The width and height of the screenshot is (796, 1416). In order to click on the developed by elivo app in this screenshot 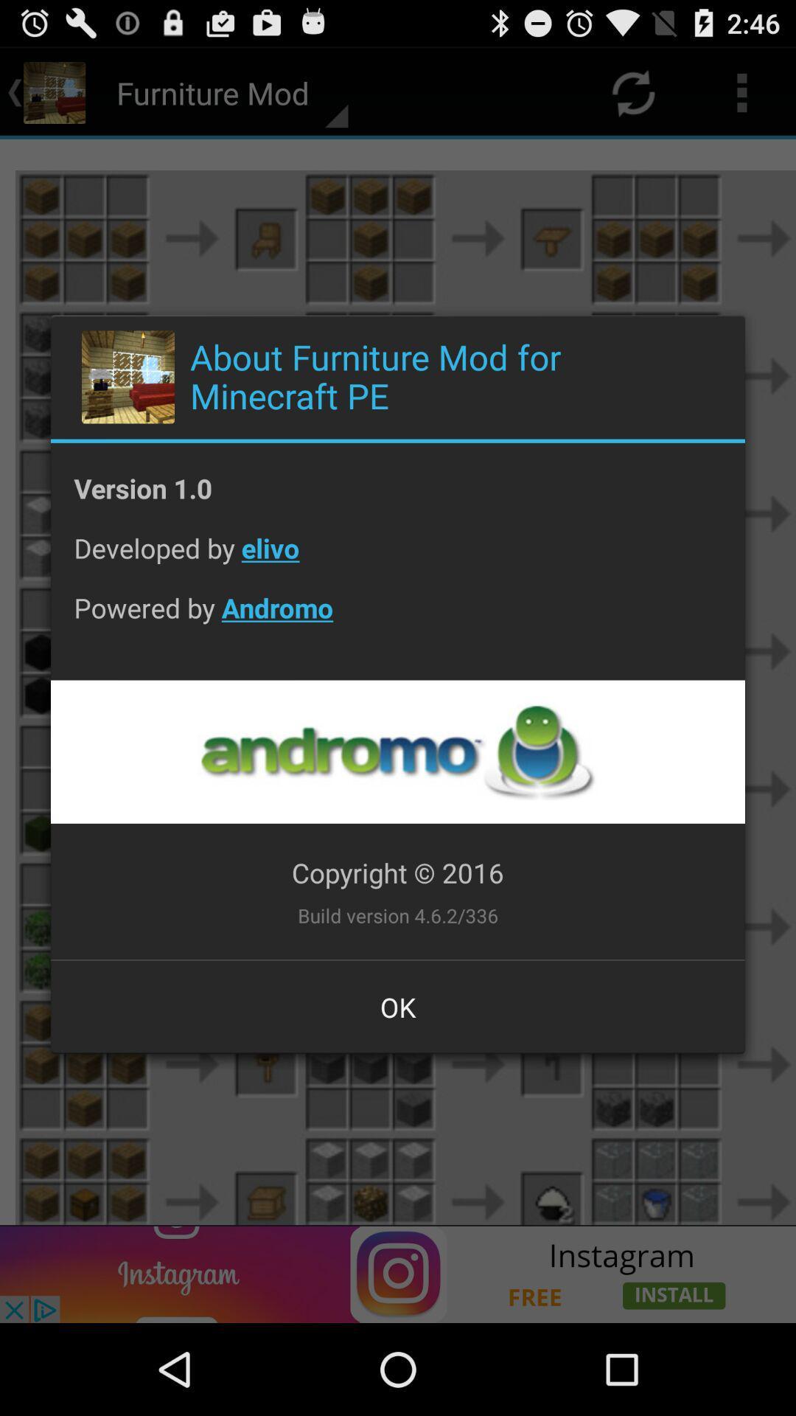, I will do `click(398, 558)`.